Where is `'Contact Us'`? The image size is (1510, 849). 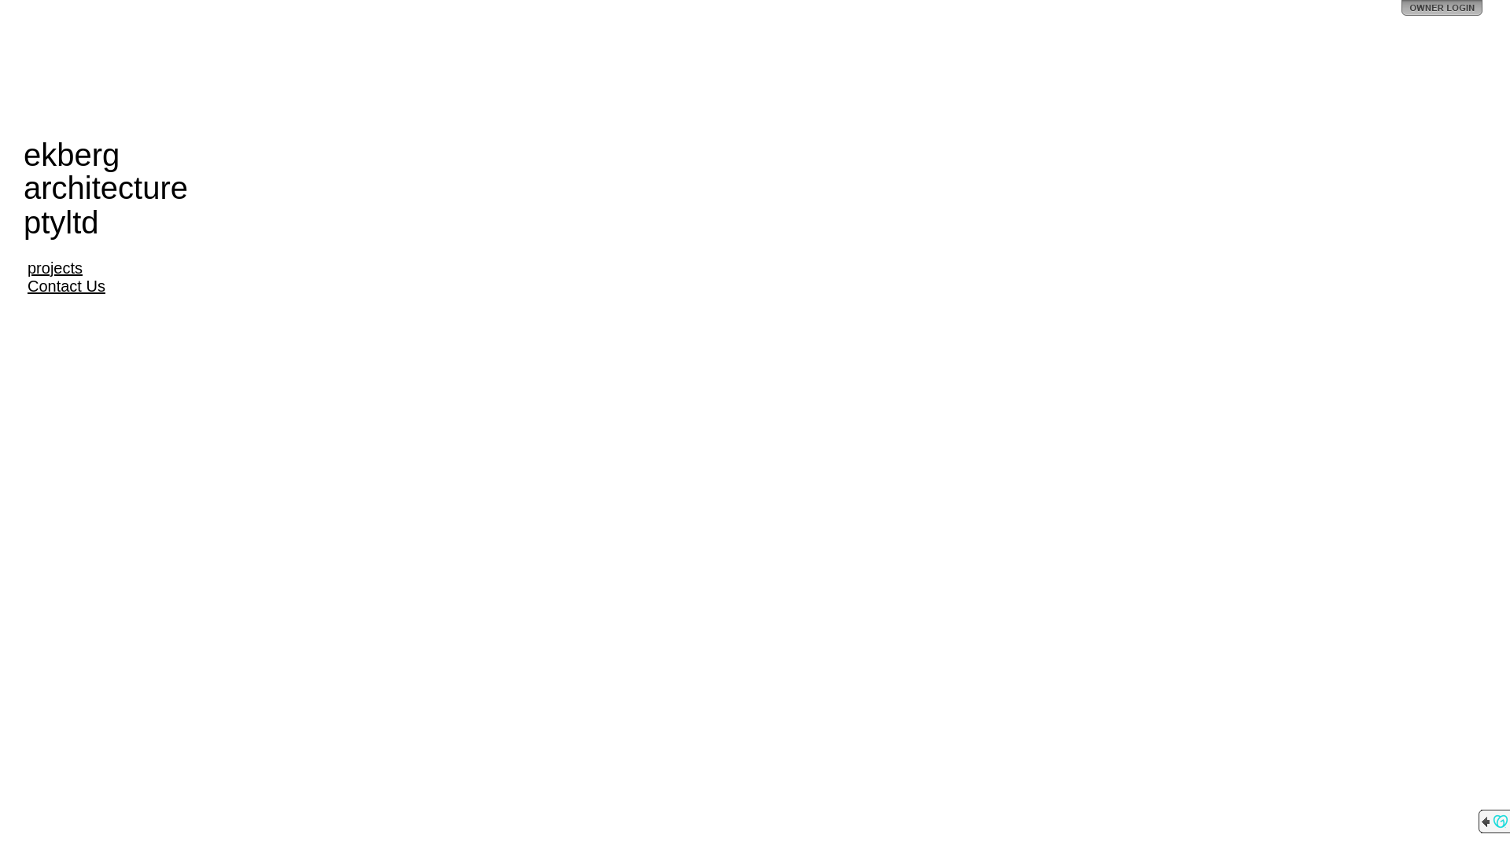
'Contact Us' is located at coordinates (65, 285).